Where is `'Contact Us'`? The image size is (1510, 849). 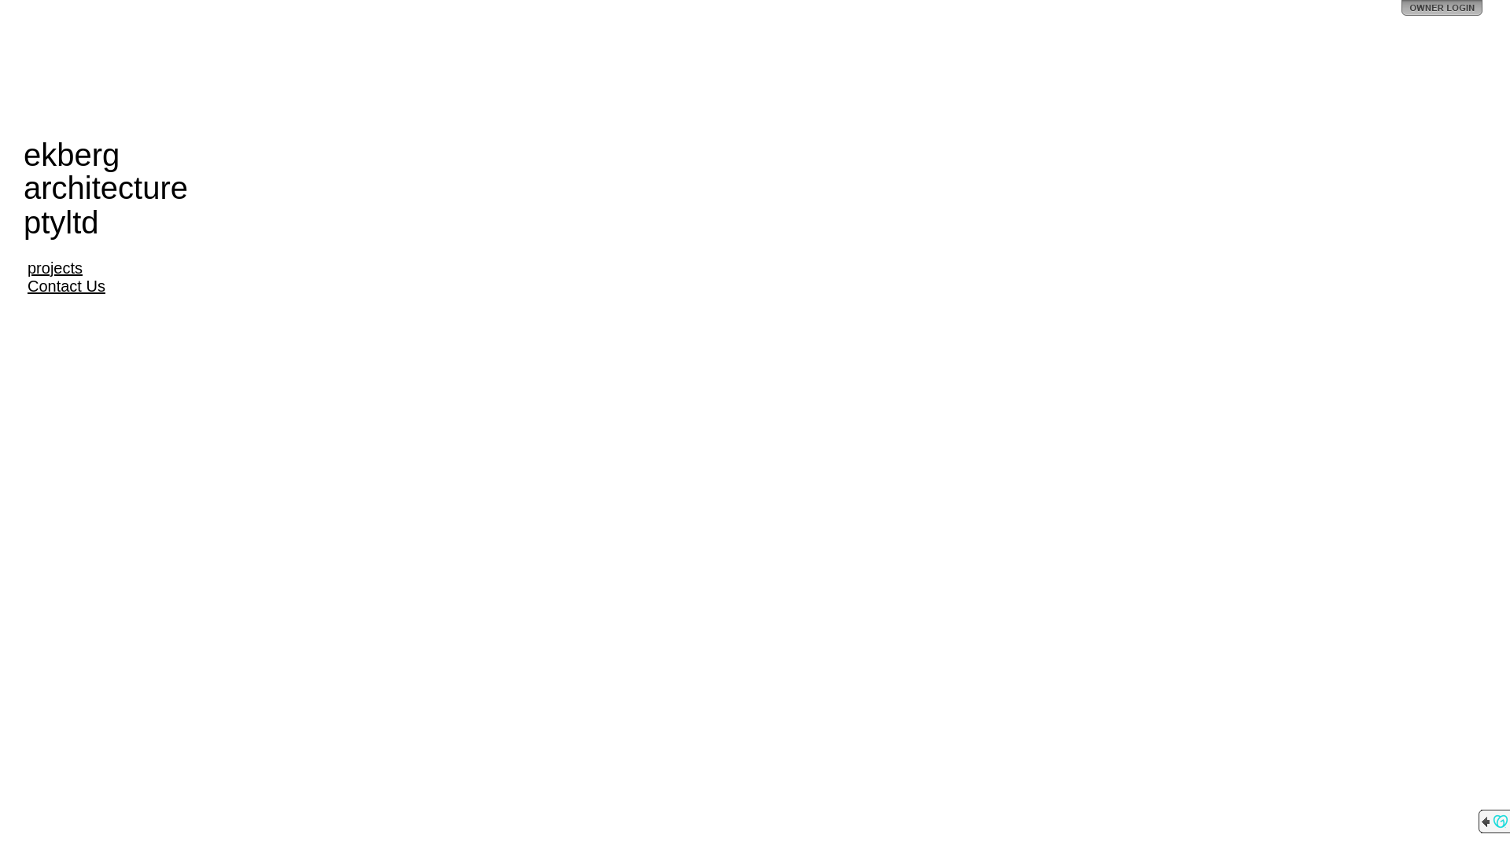
'Contact Us' is located at coordinates (65, 285).